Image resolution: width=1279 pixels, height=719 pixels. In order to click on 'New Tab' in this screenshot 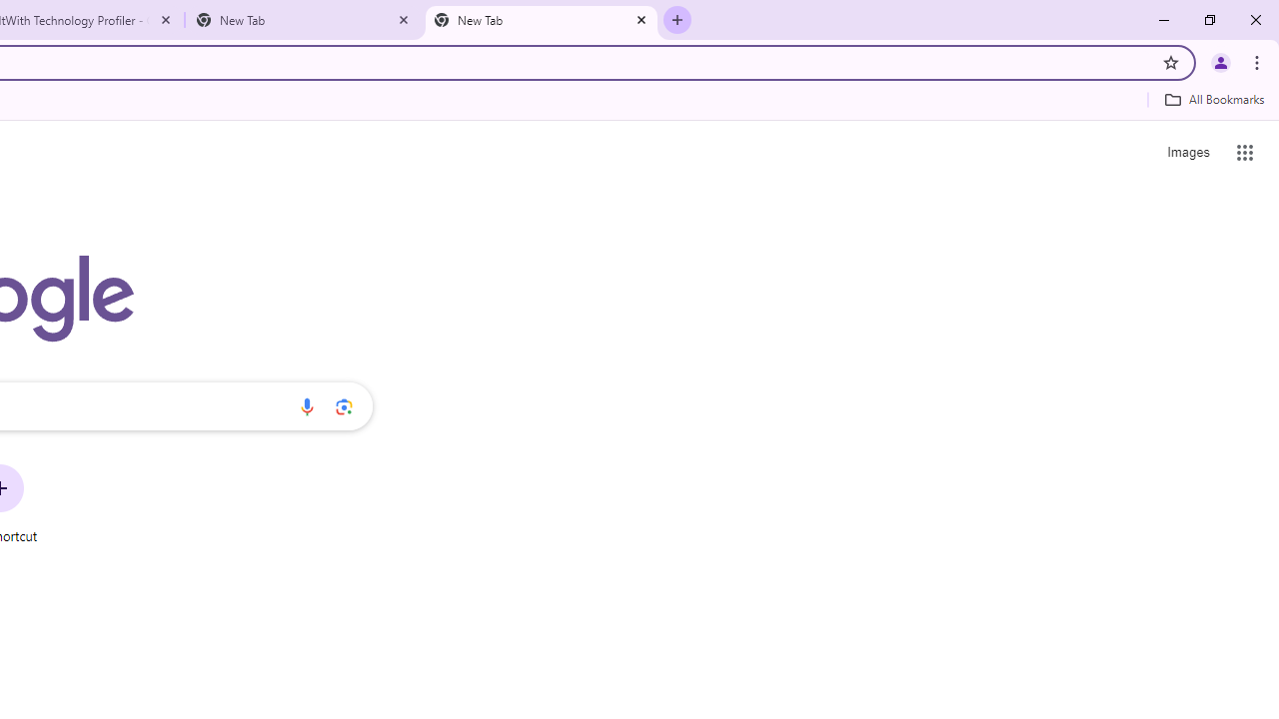, I will do `click(303, 20)`.